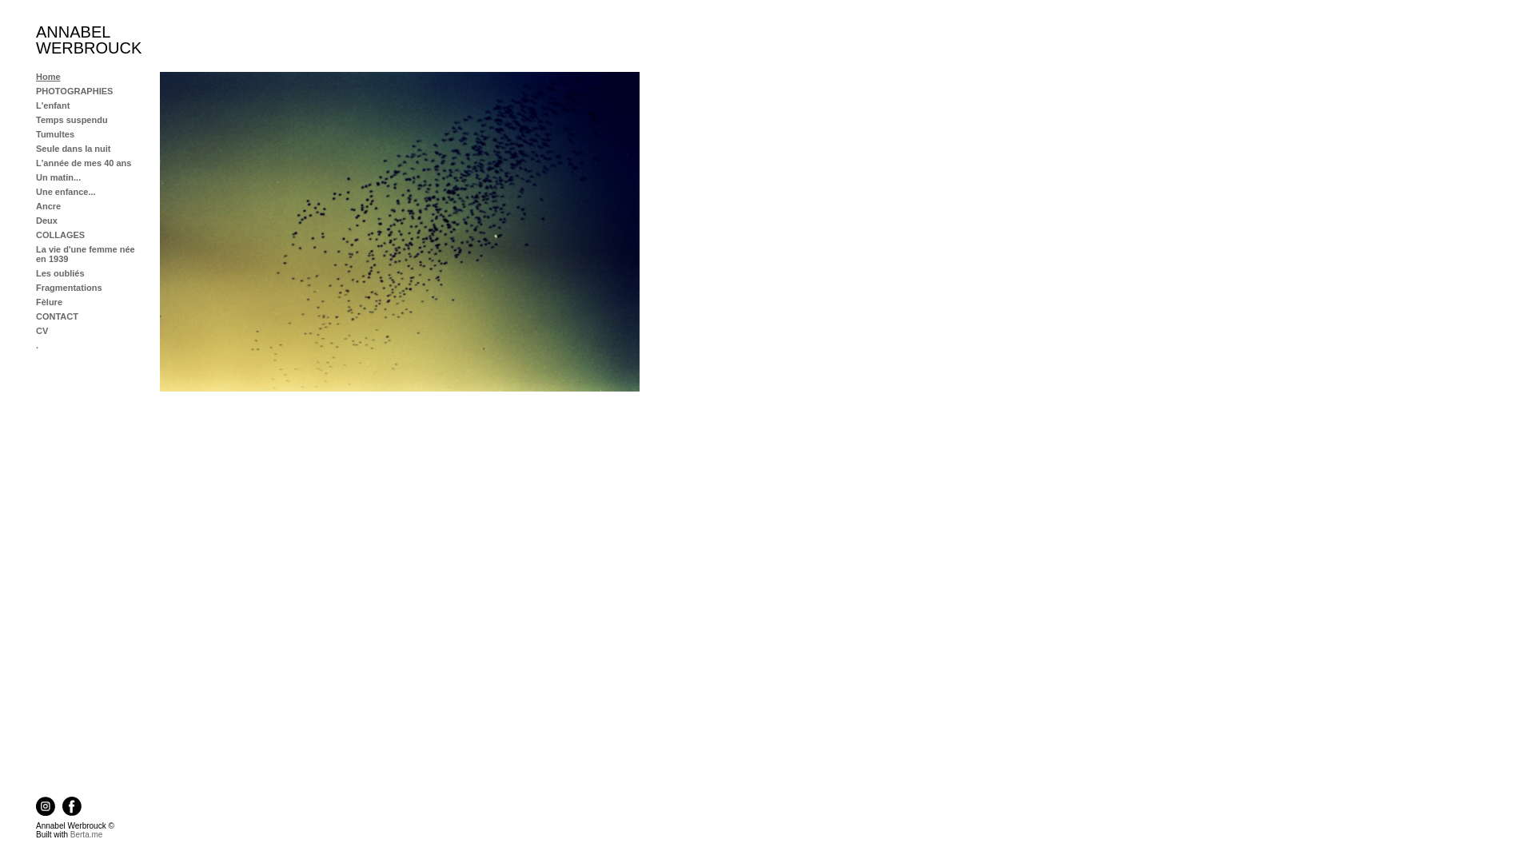 This screenshot has width=1535, height=863. I want to click on 'Tumultes', so click(35, 133).